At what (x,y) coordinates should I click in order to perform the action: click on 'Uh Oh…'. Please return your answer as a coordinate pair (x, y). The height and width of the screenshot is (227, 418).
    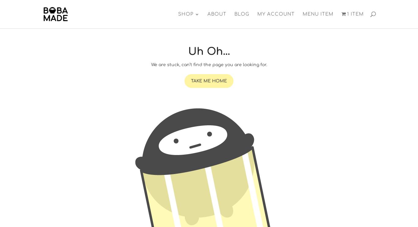
    Looking at the image, I should click on (208, 51).